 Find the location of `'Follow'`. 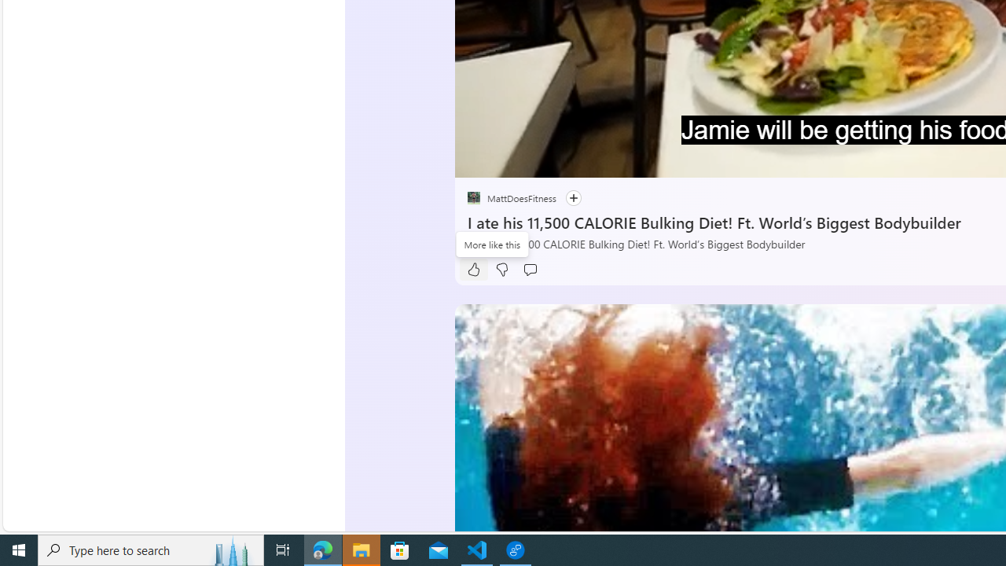

'Follow' is located at coordinates (572, 197).